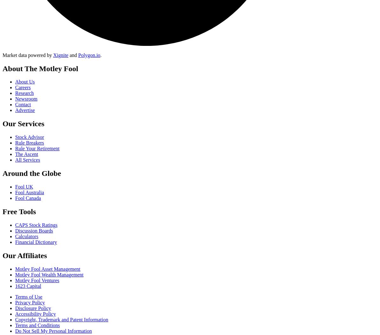  What do you see at coordinates (29, 143) in the screenshot?
I see `'Rule Breakers'` at bounding box center [29, 143].